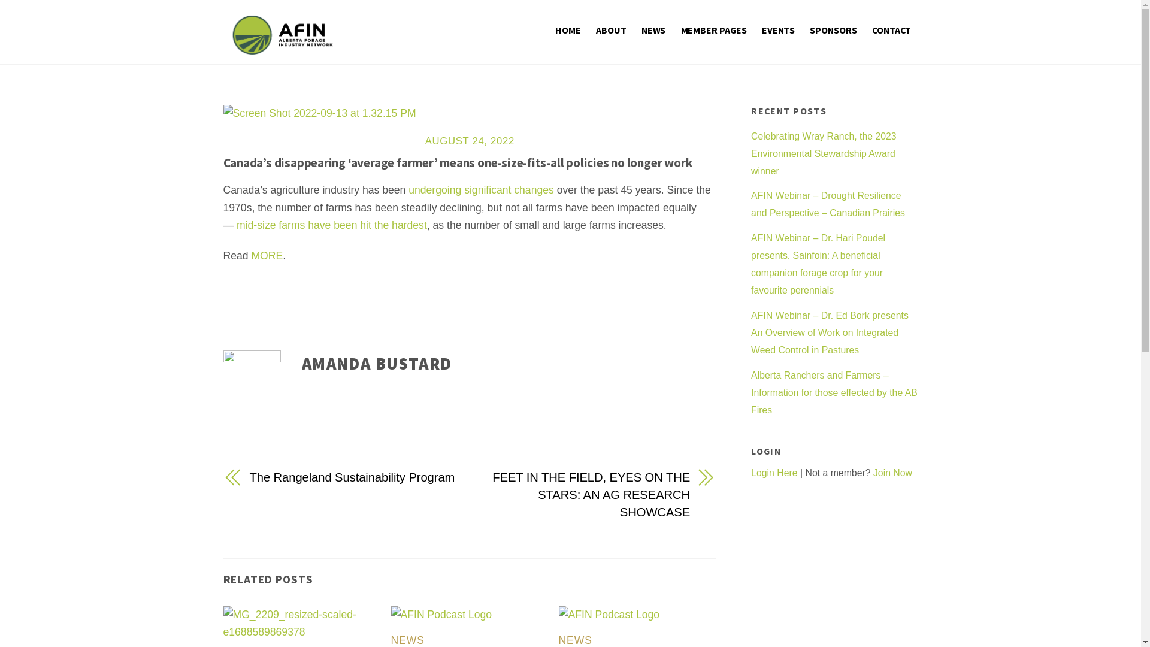 The image size is (1150, 647). I want to click on 'MG_2209_resized-scaled-e1688589869378', so click(302, 623).